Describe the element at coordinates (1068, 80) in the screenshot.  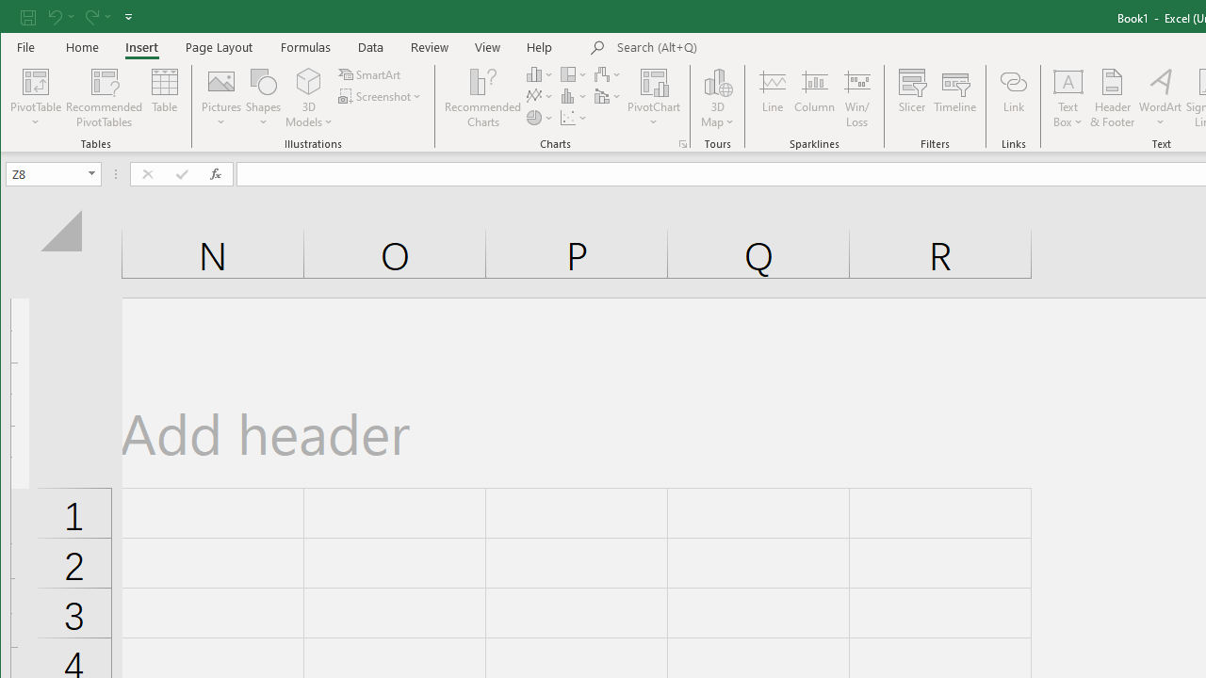
I see `'Draw Horizontal Text Box'` at that location.